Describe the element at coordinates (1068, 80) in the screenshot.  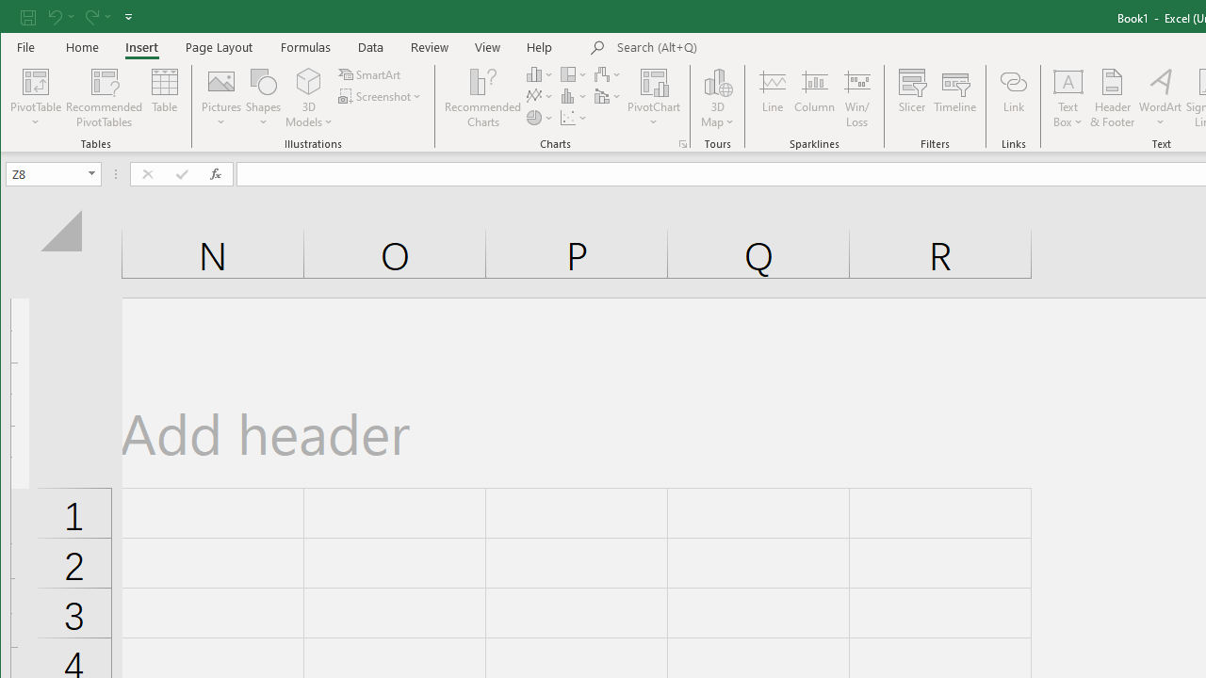
I see `'Draw Horizontal Text Box'` at that location.